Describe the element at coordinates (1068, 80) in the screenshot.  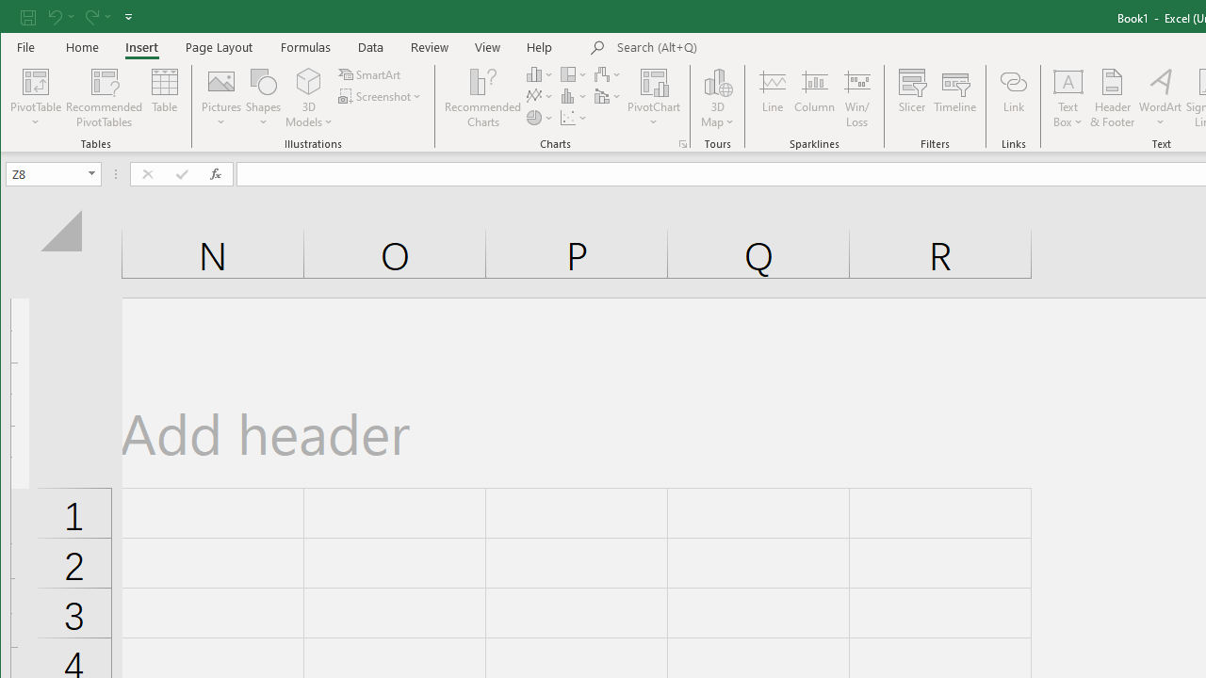
I see `'Draw Horizontal Text Box'` at that location.